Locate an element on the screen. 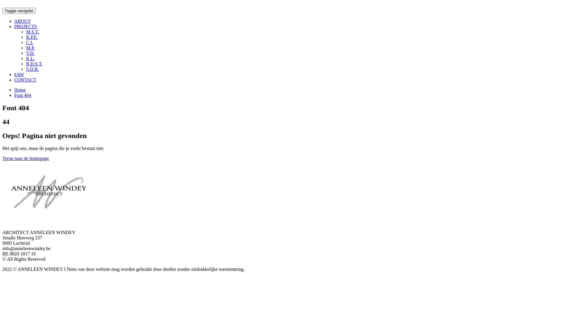 The image size is (569, 320). 'B.D.S.T.' is located at coordinates (34, 64).